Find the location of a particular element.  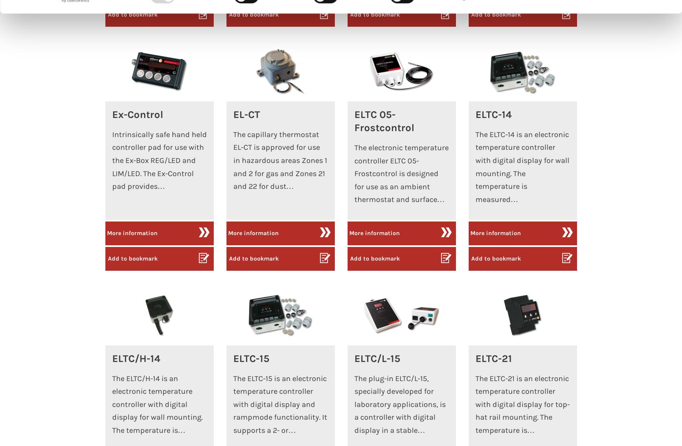

'The ELTC-21 is an electronic temperature controller with digital display for top-hat rail mounting. The temperature is…' is located at coordinates (522, 404).